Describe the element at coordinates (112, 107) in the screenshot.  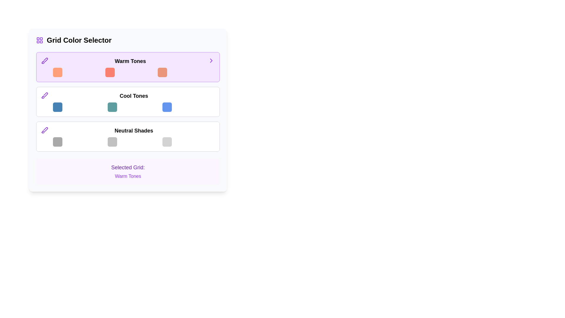
I see `the teal-colored color selection box with rounded edges in the 'Cool Tones' section` at that location.